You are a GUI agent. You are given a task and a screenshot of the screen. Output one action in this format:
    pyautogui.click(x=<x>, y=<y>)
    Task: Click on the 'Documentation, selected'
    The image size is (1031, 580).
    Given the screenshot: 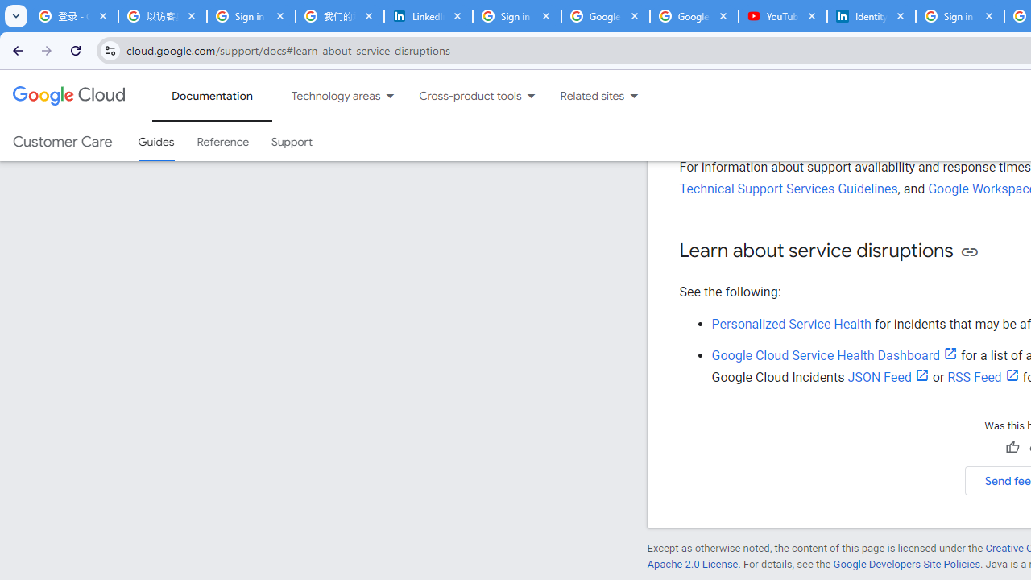 What is the action you would take?
    pyautogui.click(x=211, y=96)
    